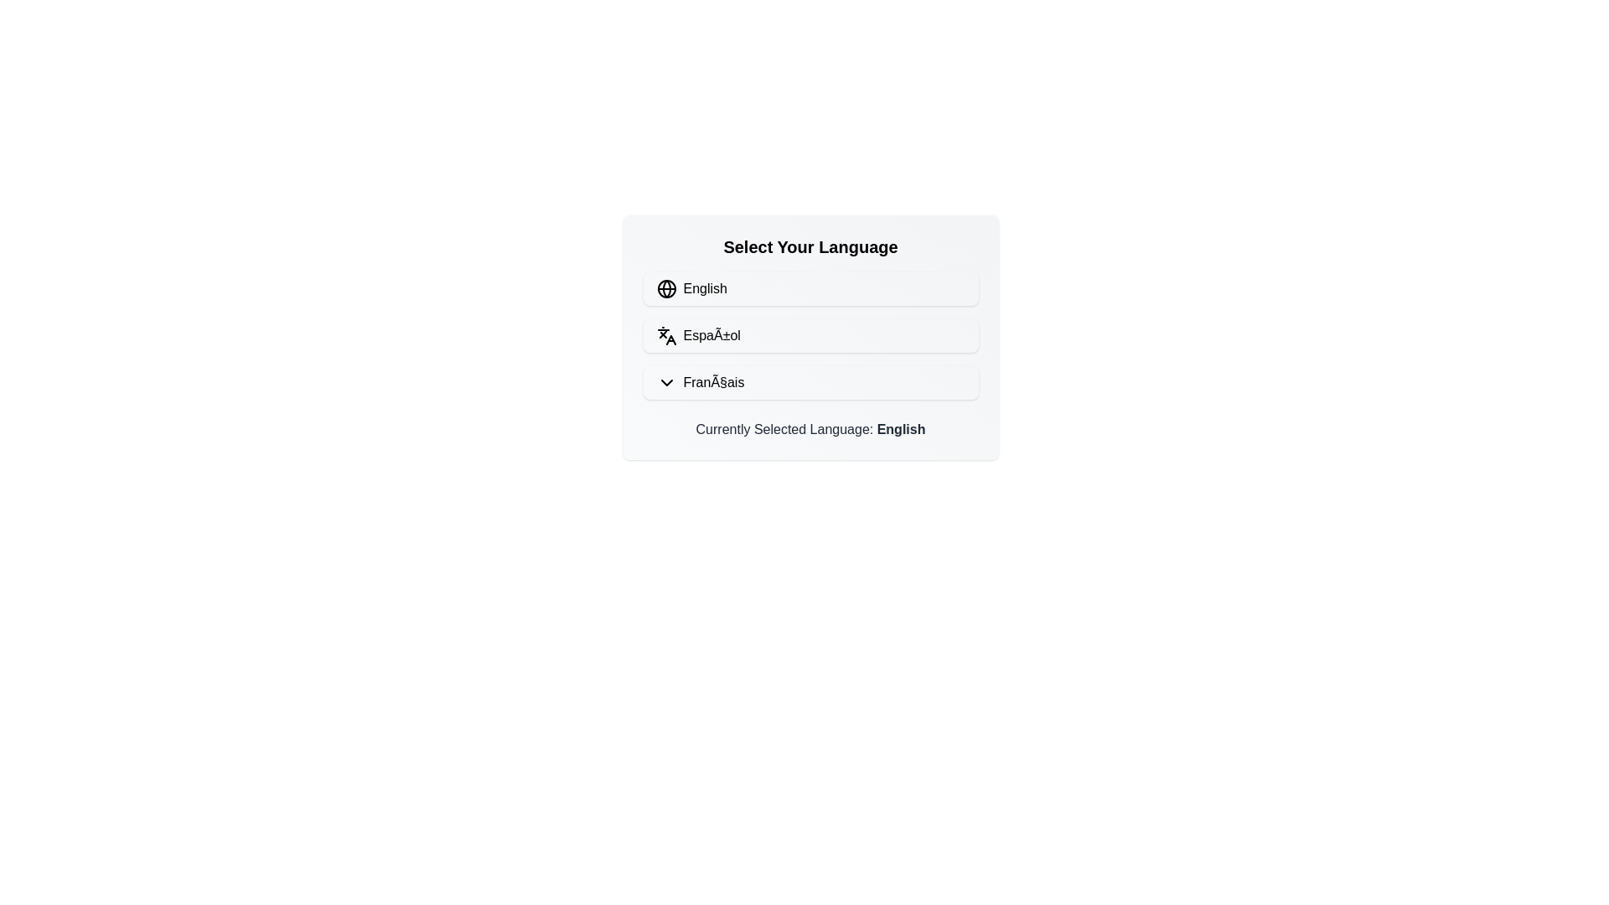 The width and height of the screenshot is (1609, 905). What do you see at coordinates (670, 339) in the screenshot?
I see `the icon that serves as an indicator or toggle for the dropdown expansion of language options next to the 'Français' text item` at bounding box center [670, 339].